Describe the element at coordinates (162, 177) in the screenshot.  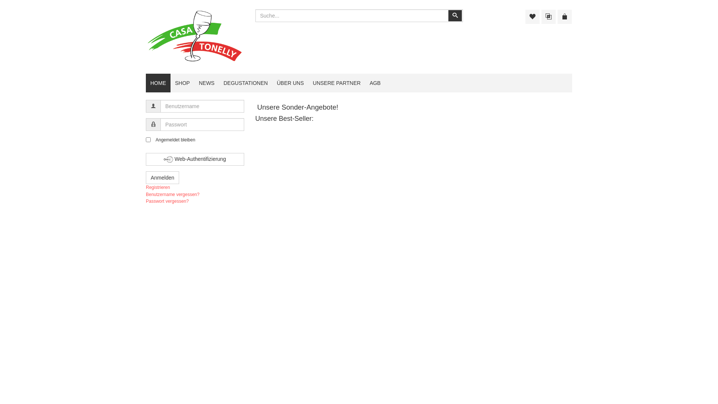
I see `'Anmelden'` at that location.